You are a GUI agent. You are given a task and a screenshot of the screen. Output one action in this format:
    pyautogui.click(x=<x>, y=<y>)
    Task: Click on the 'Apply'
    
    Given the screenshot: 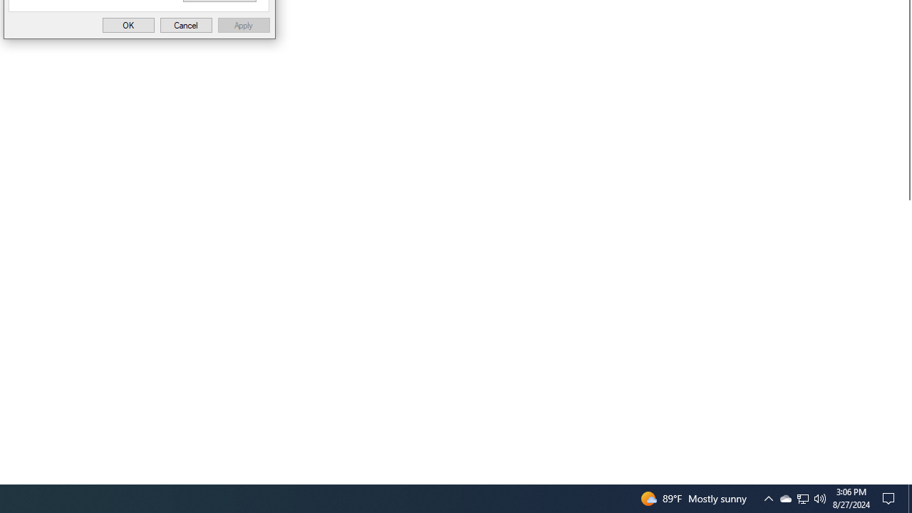 What is the action you would take?
    pyautogui.click(x=244, y=25)
    